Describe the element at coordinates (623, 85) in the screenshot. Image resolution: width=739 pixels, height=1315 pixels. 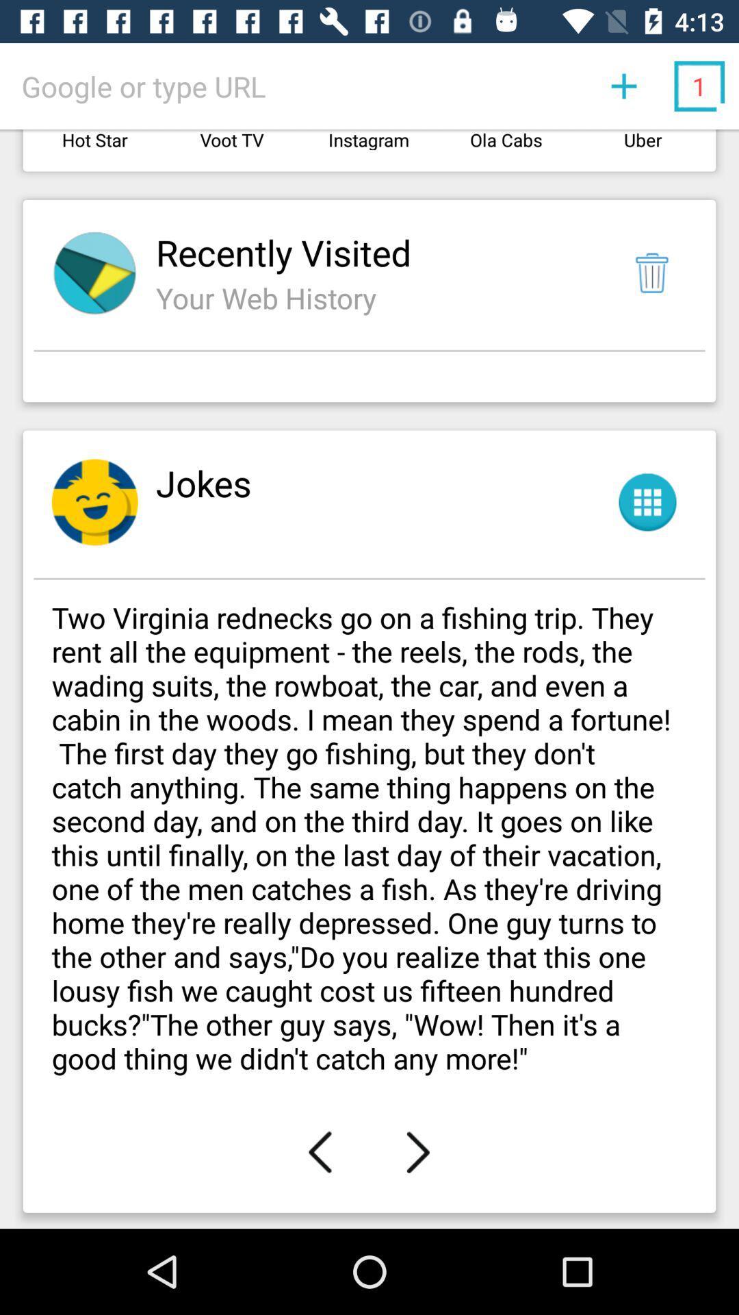
I see `item next to the 1 icon` at that location.